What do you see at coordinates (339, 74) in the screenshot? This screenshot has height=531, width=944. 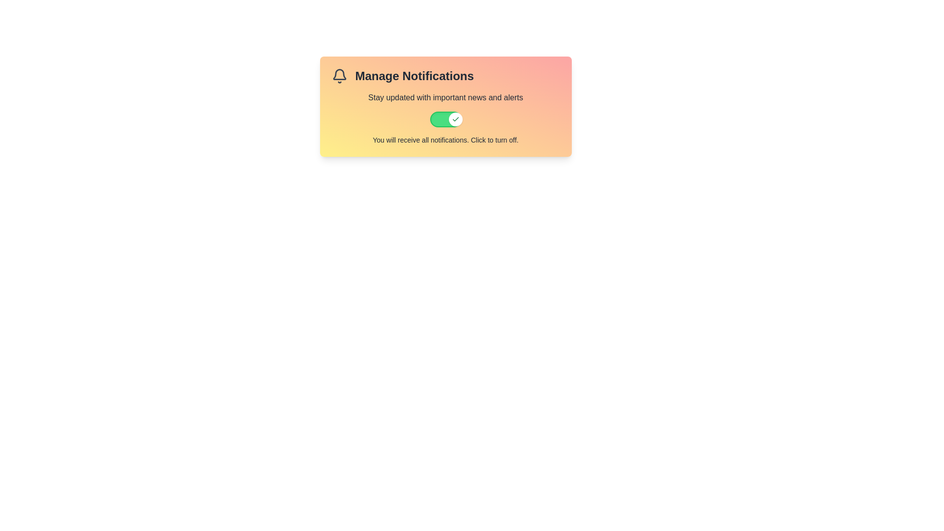 I see `the lower portion of the bell icon, which symbolizes notification settings within the 'Manage Notifications' card` at bounding box center [339, 74].